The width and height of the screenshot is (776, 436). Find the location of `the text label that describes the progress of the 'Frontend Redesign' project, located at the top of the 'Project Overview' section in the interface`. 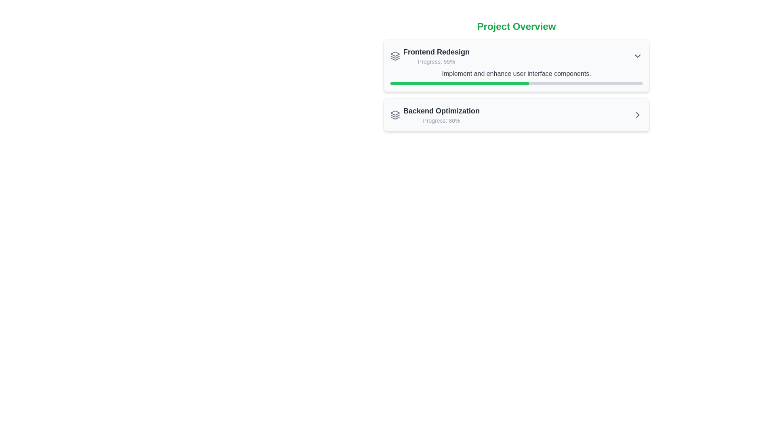

the text label that describes the progress of the 'Frontend Redesign' project, located at the top of the 'Project Overview' section in the interface is located at coordinates (436, 55).